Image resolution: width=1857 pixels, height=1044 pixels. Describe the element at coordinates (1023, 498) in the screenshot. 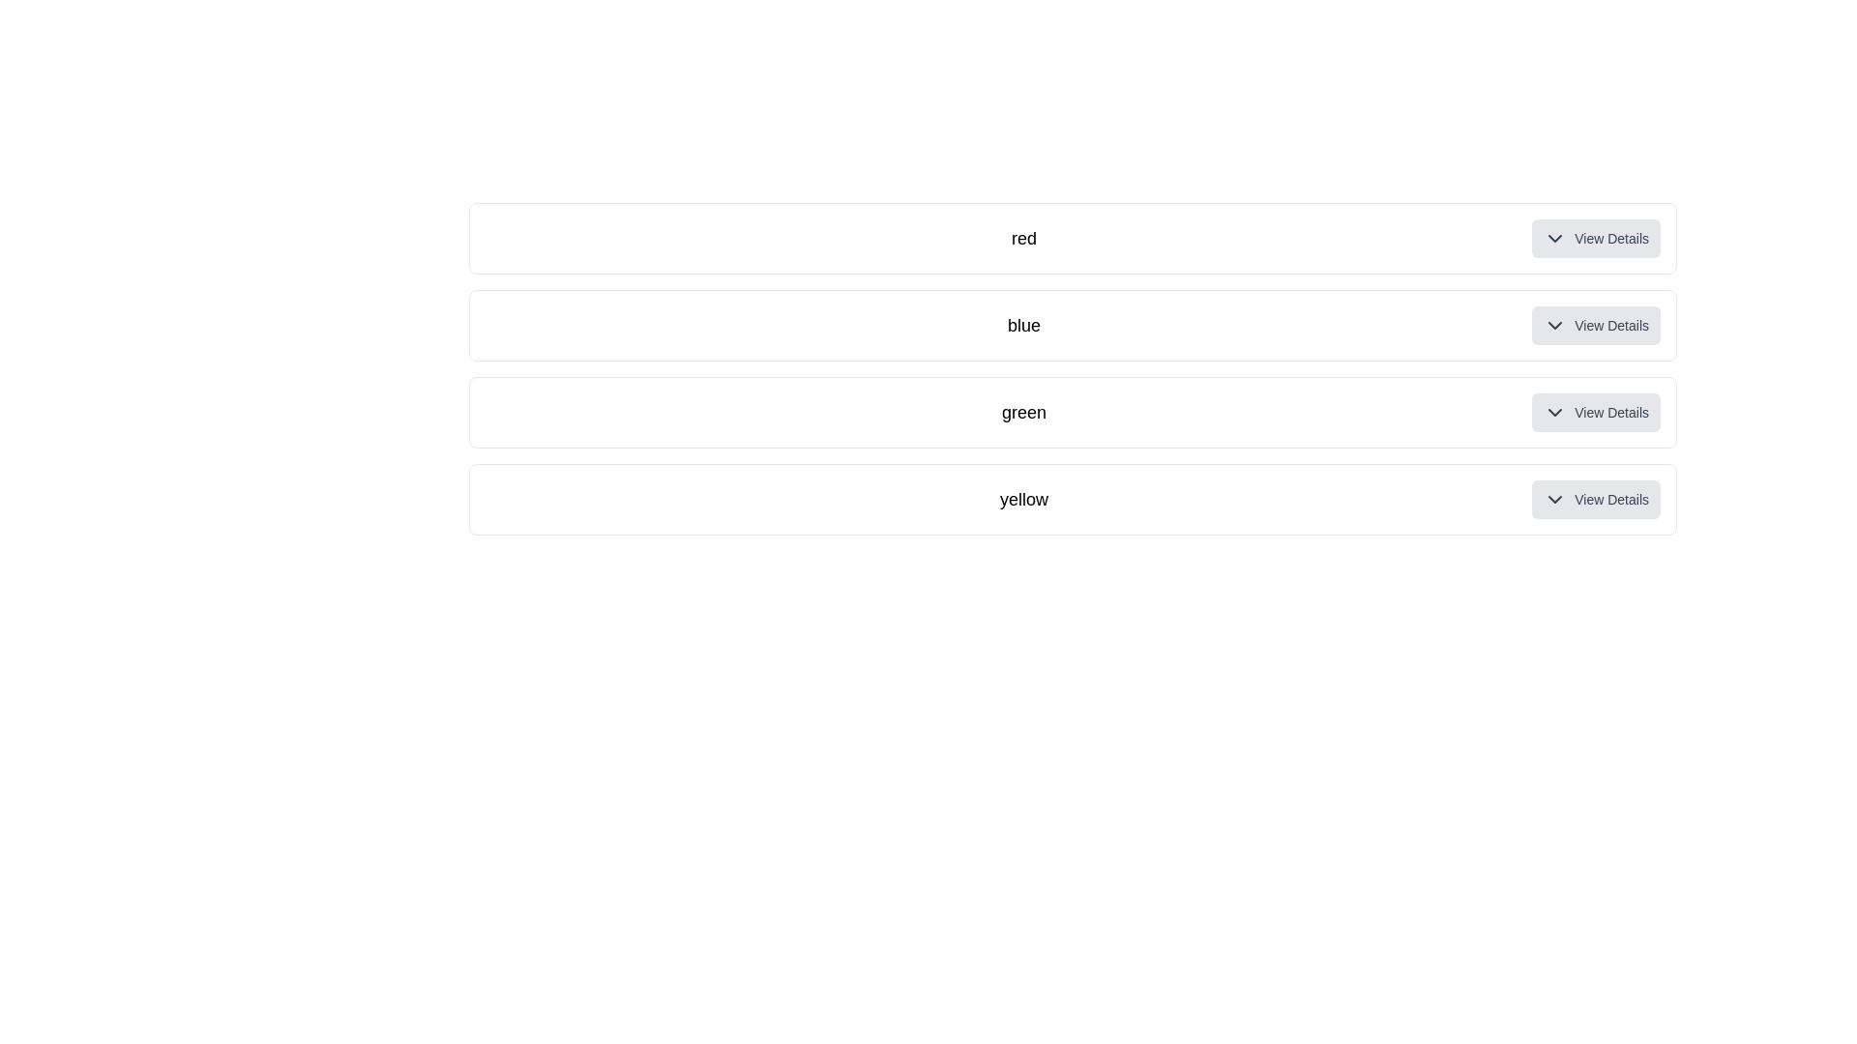

I see `the text element that serves as a label or descriptor, located between a circular yellow icon and a 'View Details' button` at that location.